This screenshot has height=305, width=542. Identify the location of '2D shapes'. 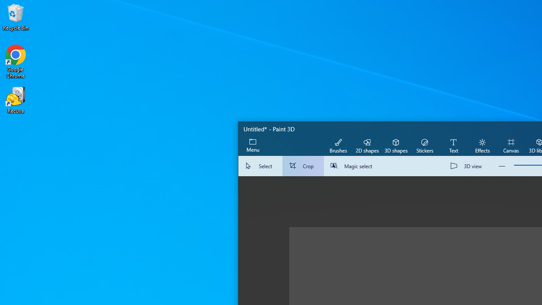
(367, 145).